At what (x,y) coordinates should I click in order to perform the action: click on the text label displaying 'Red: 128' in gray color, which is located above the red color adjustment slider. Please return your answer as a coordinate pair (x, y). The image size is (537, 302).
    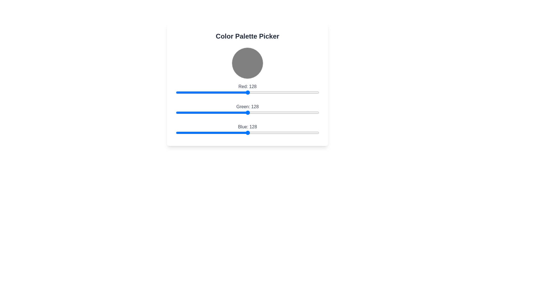
    Looking at the image, I should click on (247, 86).